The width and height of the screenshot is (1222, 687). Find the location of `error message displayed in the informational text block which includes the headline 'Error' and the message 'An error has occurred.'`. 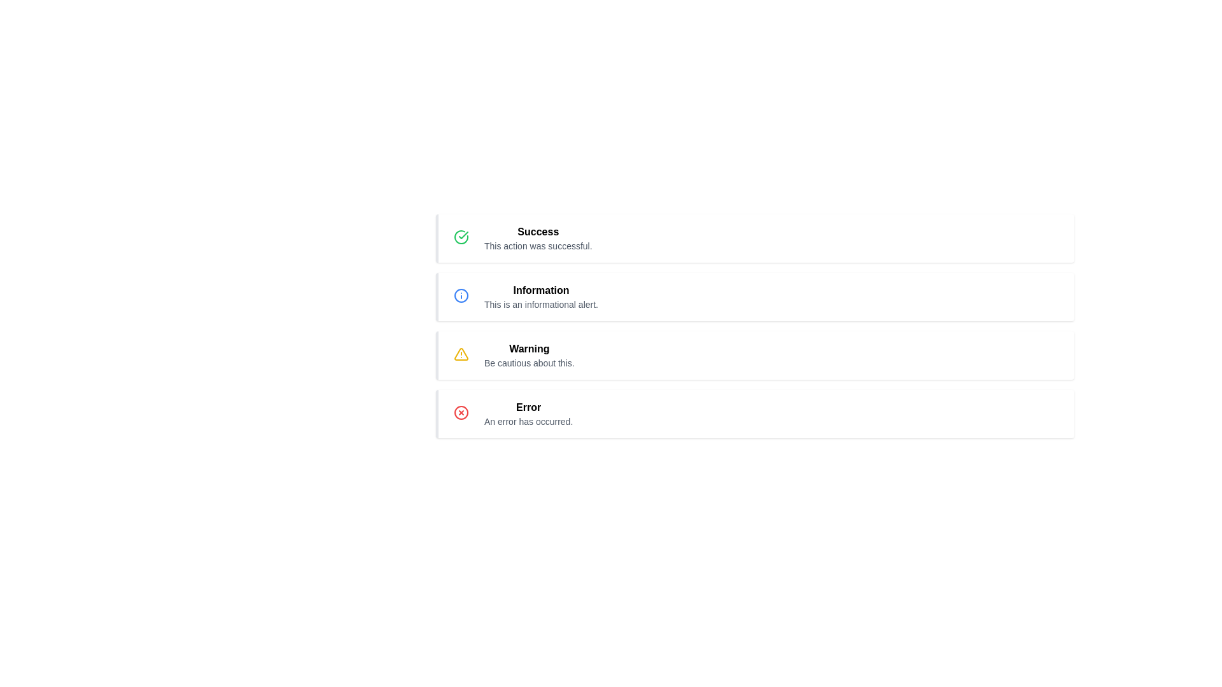

error message displayed in the informational text block which includes the headline 'Error' and the message 'An error has occurred.' is located at coordinates (528, 414).